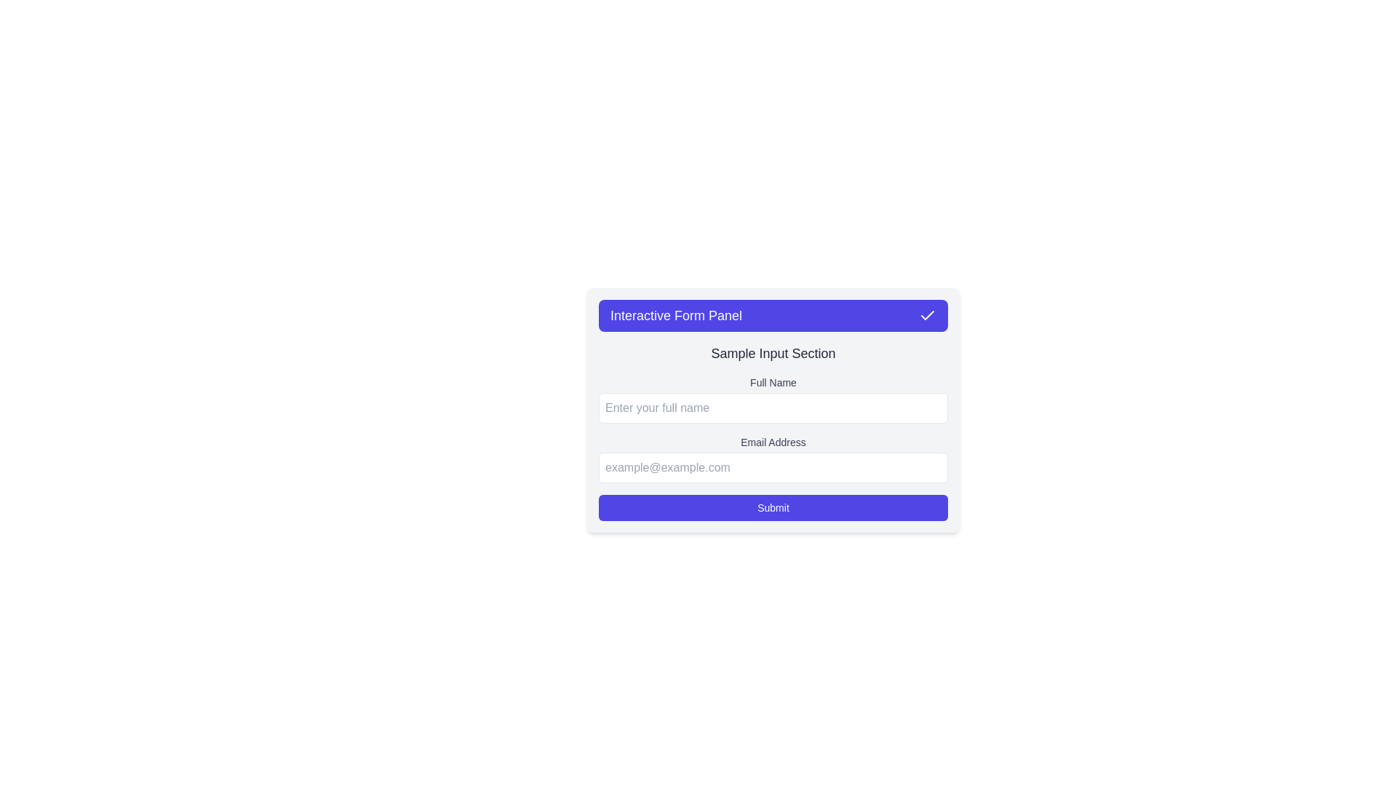 The height and width of the screenshot is (786, 1397). What do you see at coordinates (675, 315) in the screenshot?
I see `text from the leftmost text label displaying 'Interactive Form Panel' with a bold, white font on a purple background, located in the upper portion of the form interface` at bounding box center [675, 315].